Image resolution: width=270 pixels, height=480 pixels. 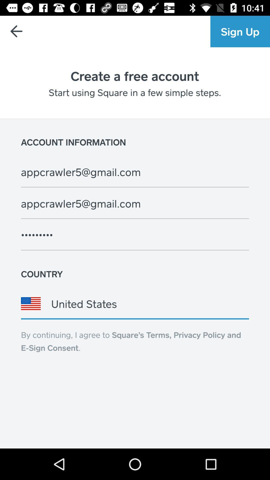 I want to click on item below the create a free, so click(x=134, y=92).